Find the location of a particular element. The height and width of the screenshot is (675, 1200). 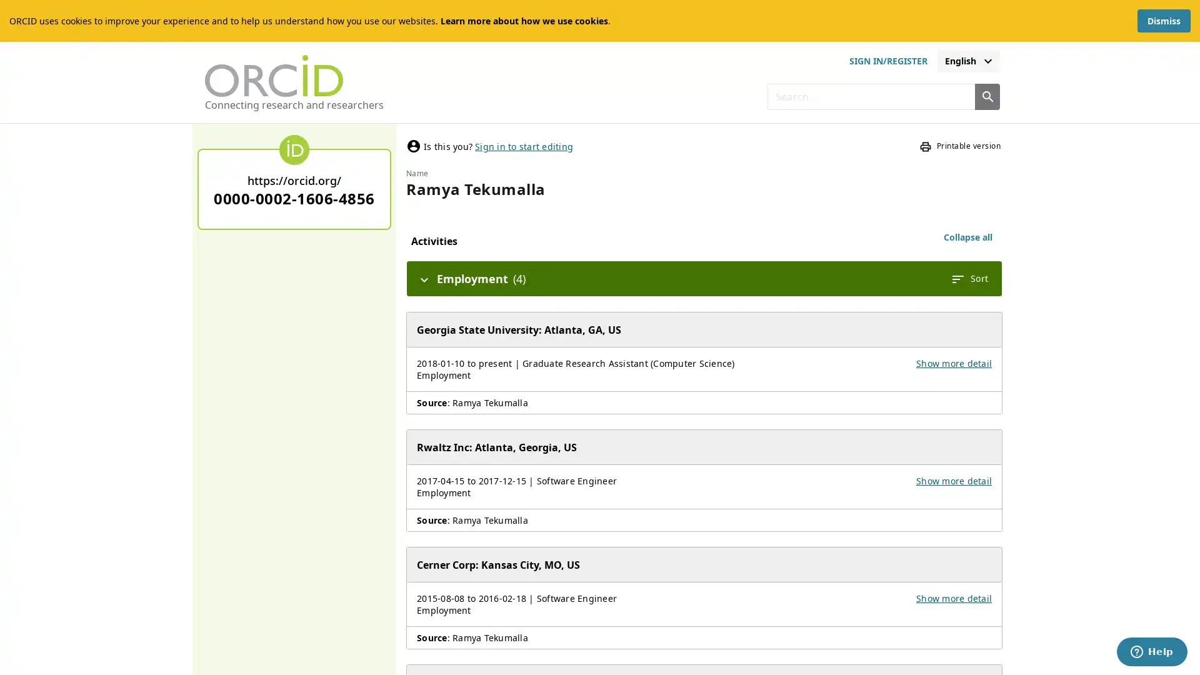

Search is located at coordinates (986, 96).